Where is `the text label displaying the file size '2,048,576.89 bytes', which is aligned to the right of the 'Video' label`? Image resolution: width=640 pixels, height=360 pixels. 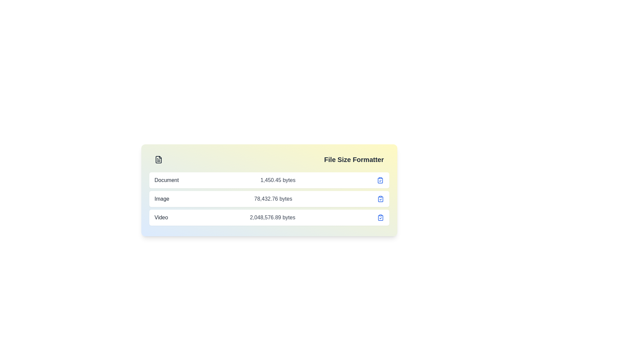
the text label displaying the file size '2,048,576.89 bytes', which is aligned to the right of the 'Video' label is located at coordinates (272, 217).